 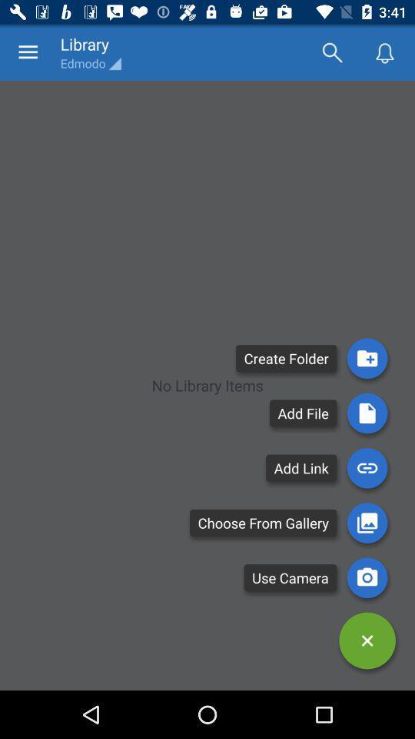 What do you see at coordinates (367, 467) in the screenshot?
I see `link` at bounding box center [367, 467].